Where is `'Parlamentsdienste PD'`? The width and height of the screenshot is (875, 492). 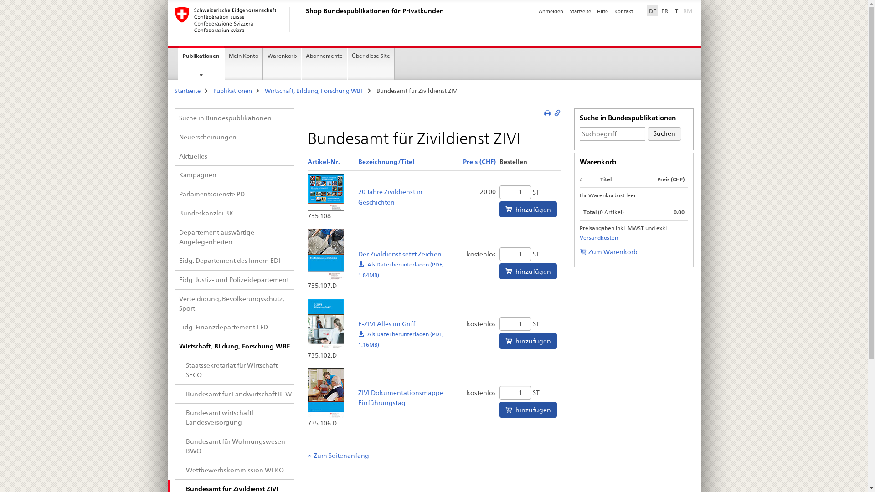
'Parlamentsdienste PD' is located at coordinates (234, 194).